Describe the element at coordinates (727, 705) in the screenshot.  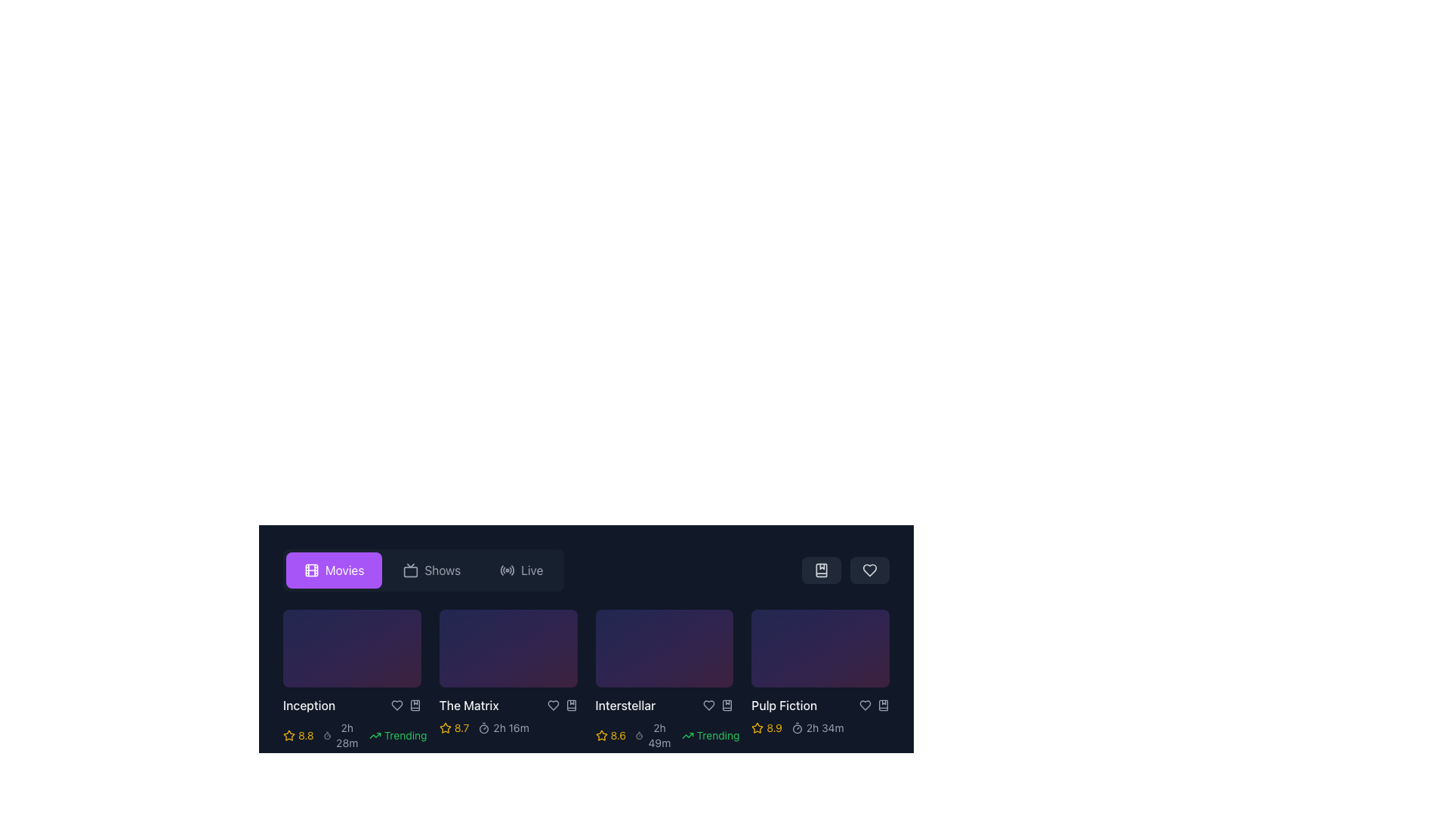
I see `the gray bookmark icon button located beneath the 'Pulp Fiction' tile, which is to the right of the heart-shaped icon` at that location.